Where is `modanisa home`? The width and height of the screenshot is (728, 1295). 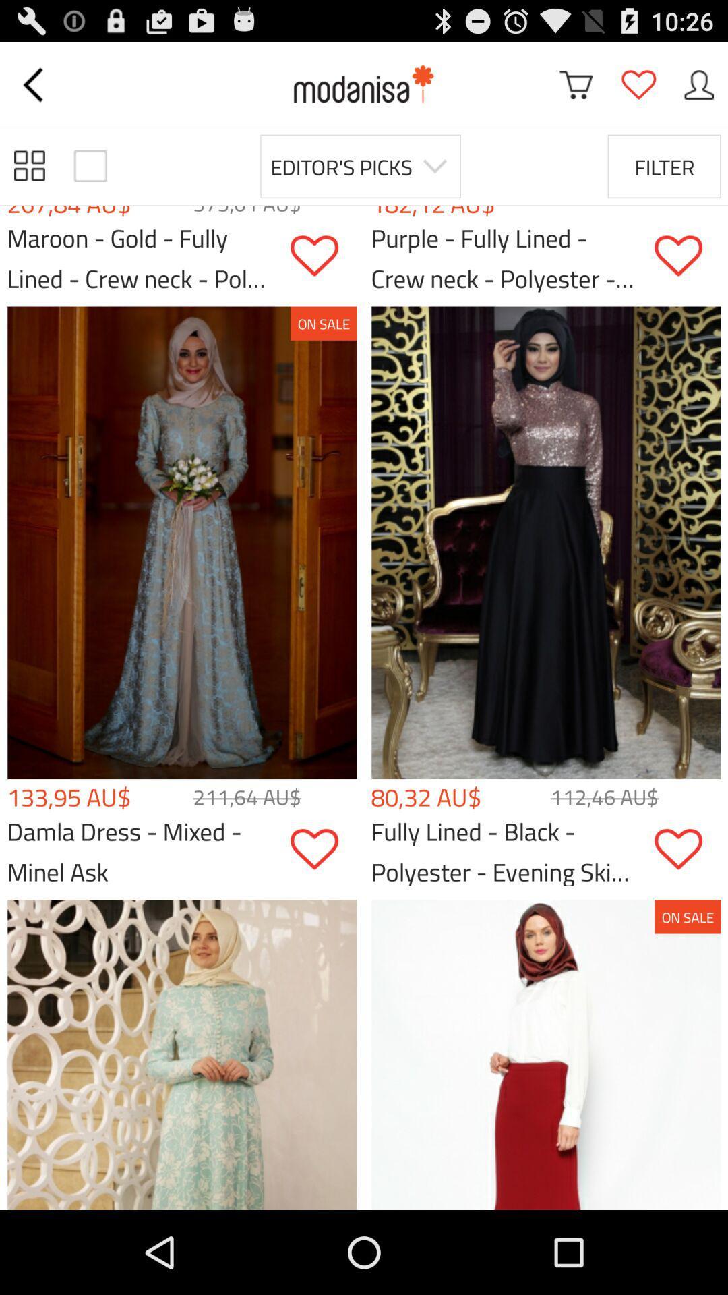
modanisa home is located at coordinates (364, 84).